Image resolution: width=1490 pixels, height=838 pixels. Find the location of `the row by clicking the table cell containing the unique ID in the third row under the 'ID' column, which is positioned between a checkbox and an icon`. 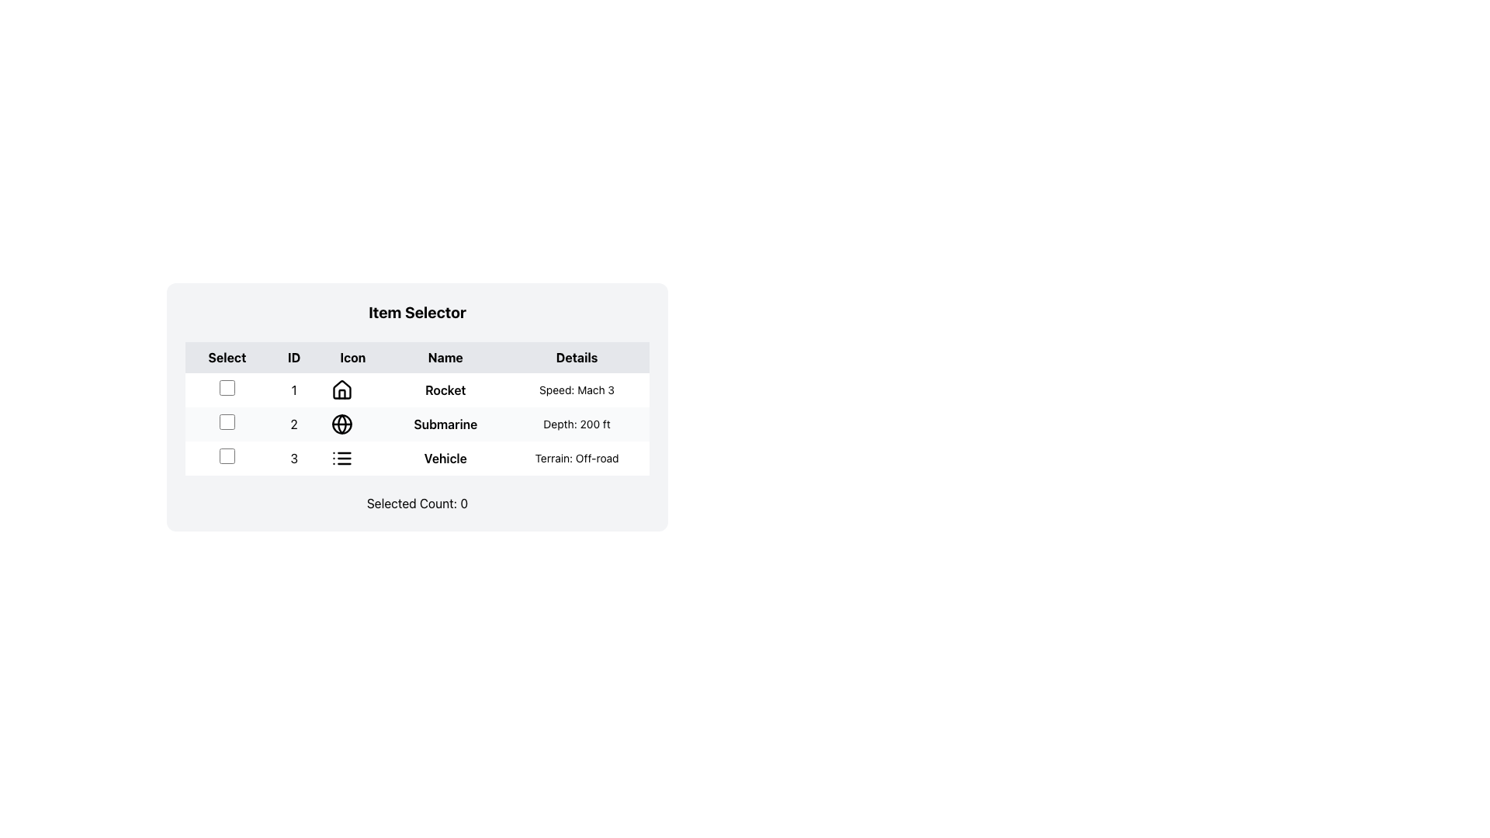

the row by clicking the table cell containing the unique ID in the third row under the 'ID' column, which is positioned between a checkbox and an icon is located at coordinates (294, 457).